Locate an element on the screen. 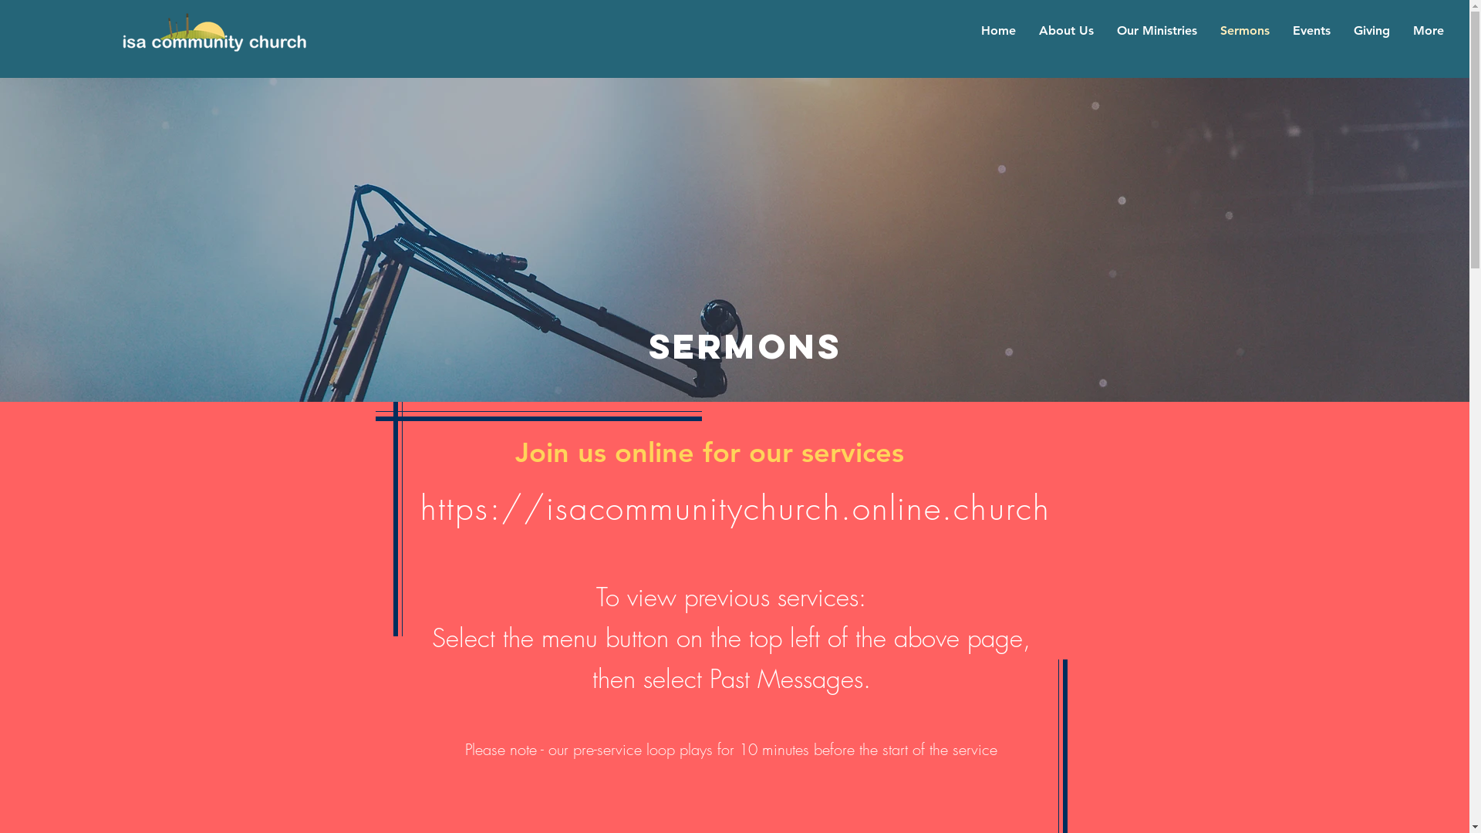 This screenshot has width=1481, height=833. 'Sermons' is located at coordinates (1243, 30).